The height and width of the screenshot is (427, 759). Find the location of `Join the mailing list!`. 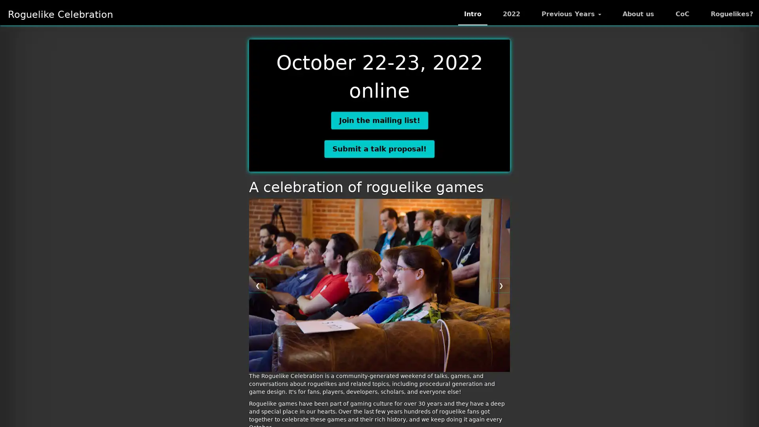

Join the mailing list! is located at coordinates (379, 120).